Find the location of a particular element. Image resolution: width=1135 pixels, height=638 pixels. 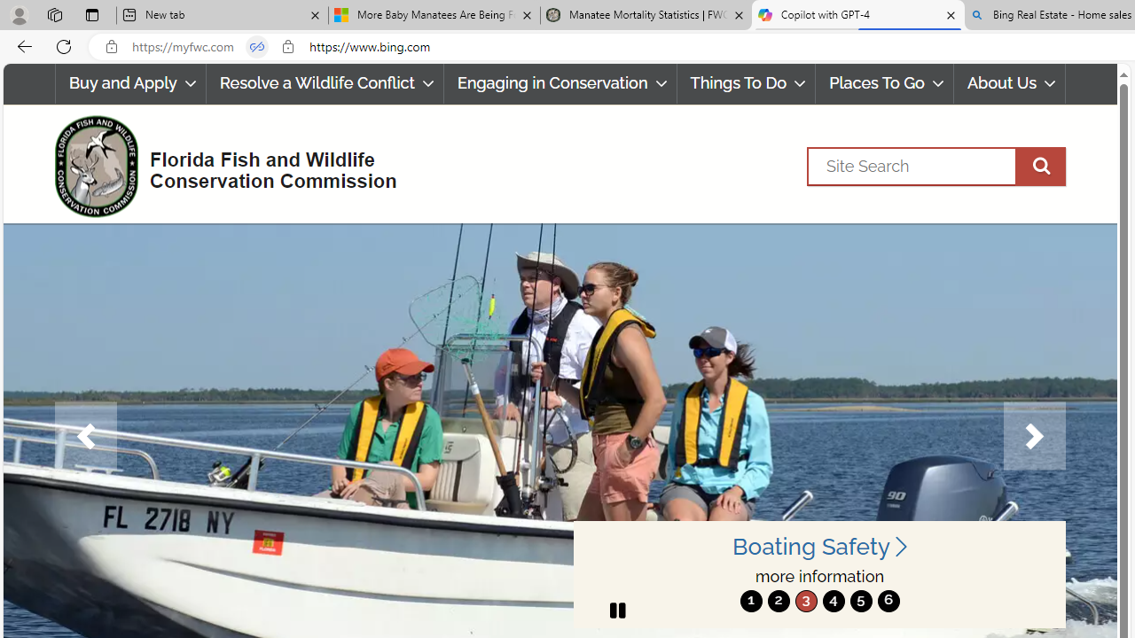

'Manatee Mortality Statistics | FWC' is located at coordinates (646, 15).